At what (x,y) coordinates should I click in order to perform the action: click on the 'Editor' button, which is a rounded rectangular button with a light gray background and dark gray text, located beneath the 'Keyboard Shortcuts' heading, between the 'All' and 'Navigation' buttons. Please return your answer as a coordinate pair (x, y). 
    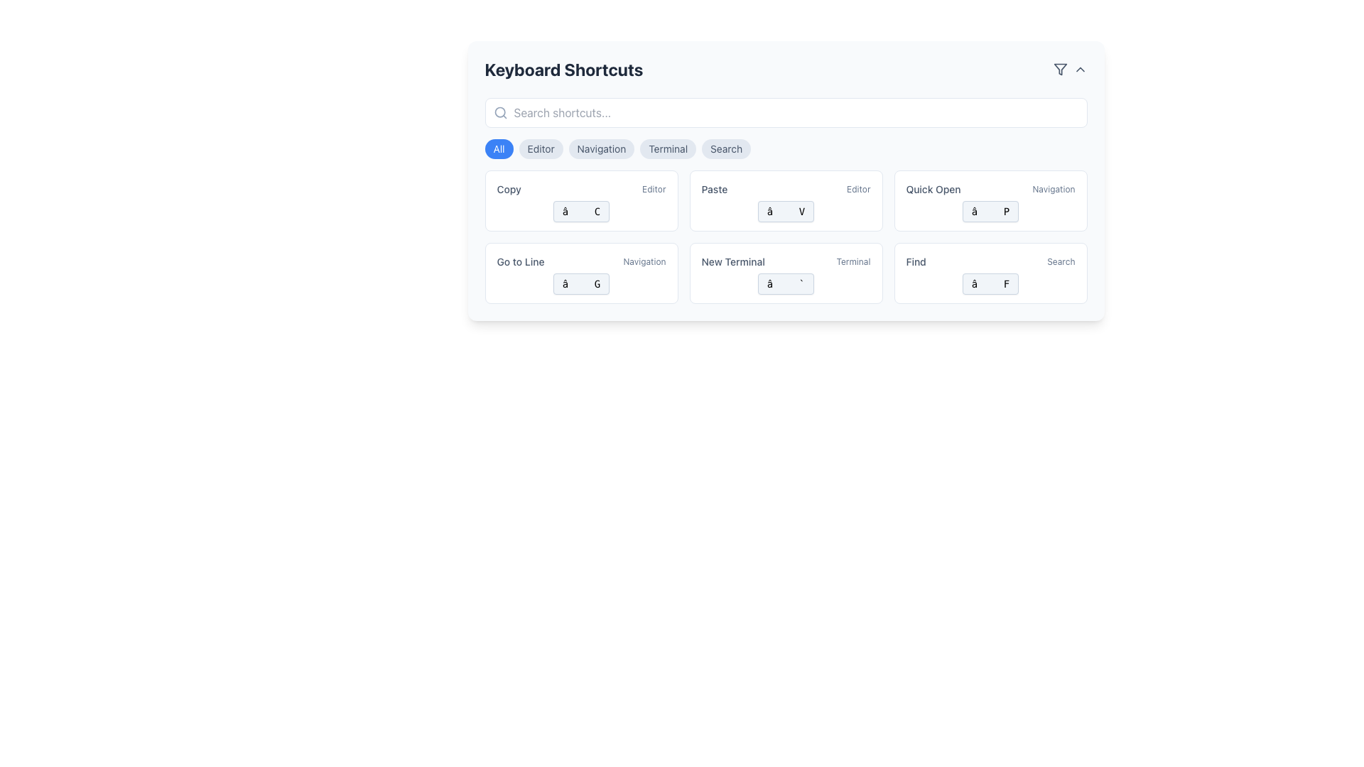
    Looking at the image, I should click on (540, 148).